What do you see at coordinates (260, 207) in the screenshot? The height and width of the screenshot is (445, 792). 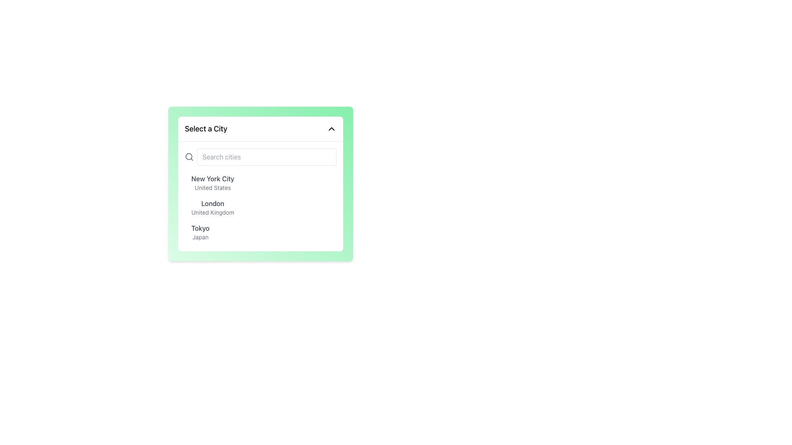 I see `the second item in the city selection dropdown` at bounding box center [260, 207].